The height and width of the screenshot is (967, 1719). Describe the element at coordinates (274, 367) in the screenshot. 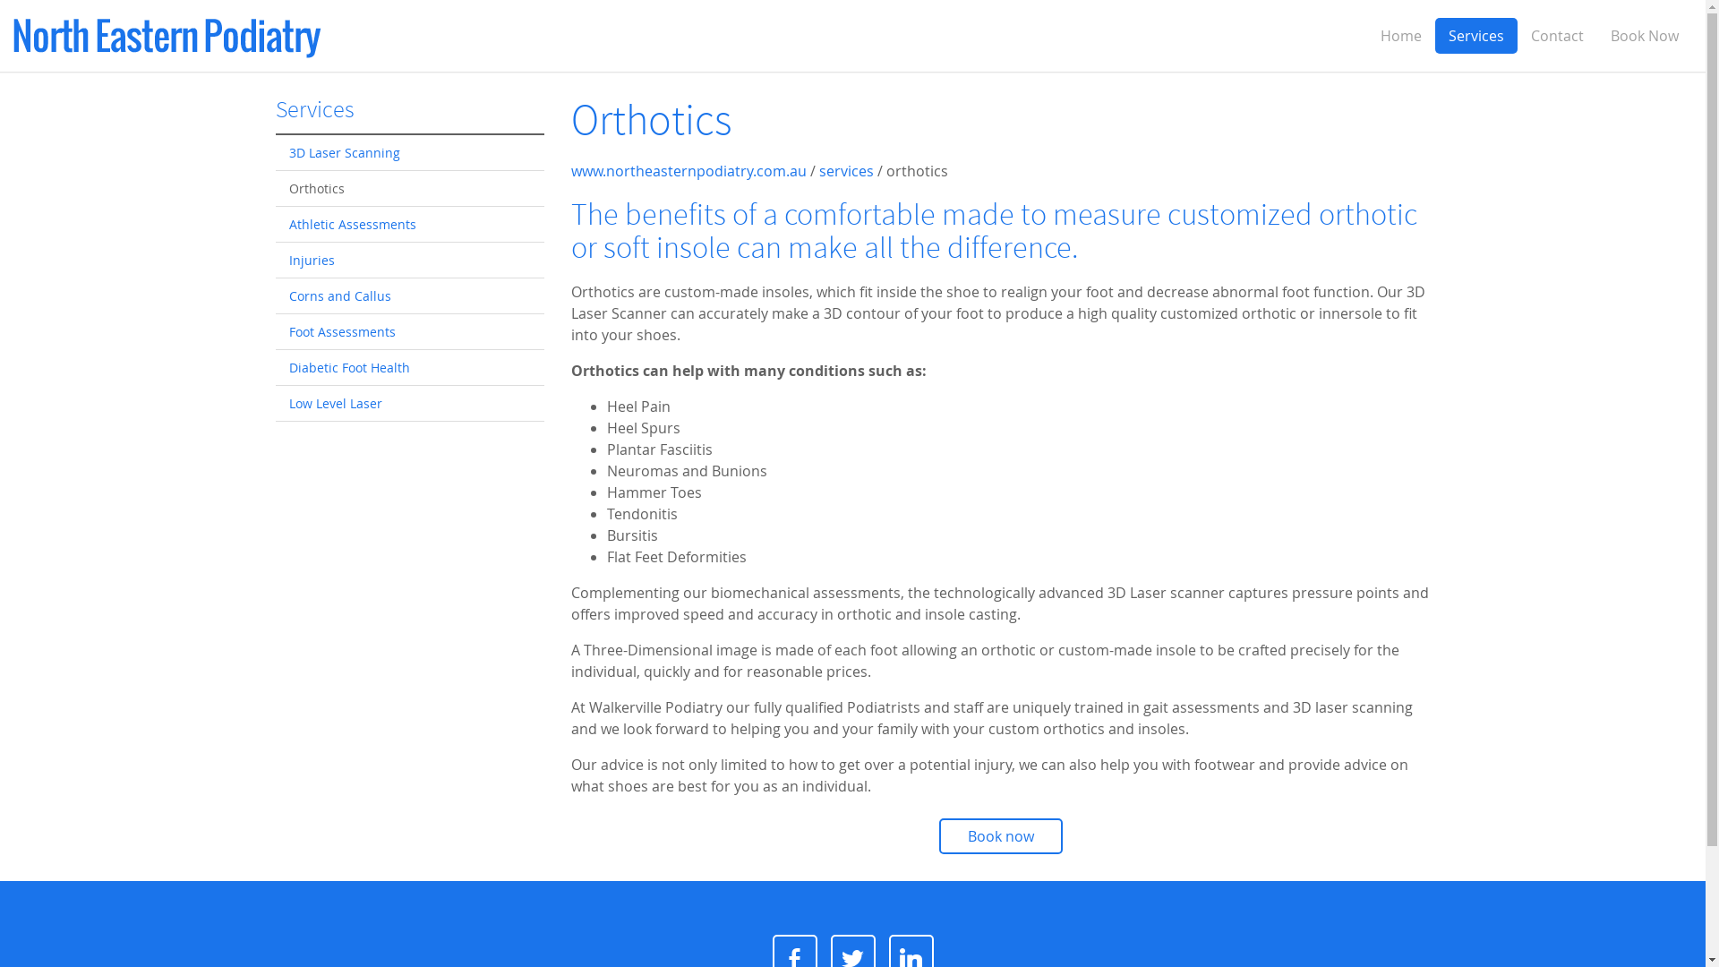

I see `'Diabetic Foot Health'` at that location.